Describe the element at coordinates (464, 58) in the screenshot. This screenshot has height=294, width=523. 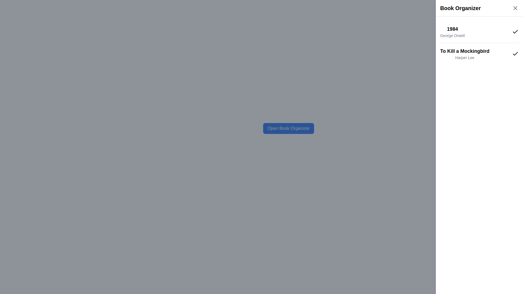
I see `the text label displaying 'Harper Lee', which is positioned beneath the title 'To Kill a Mockingbird' in a structured list layout` at that location.